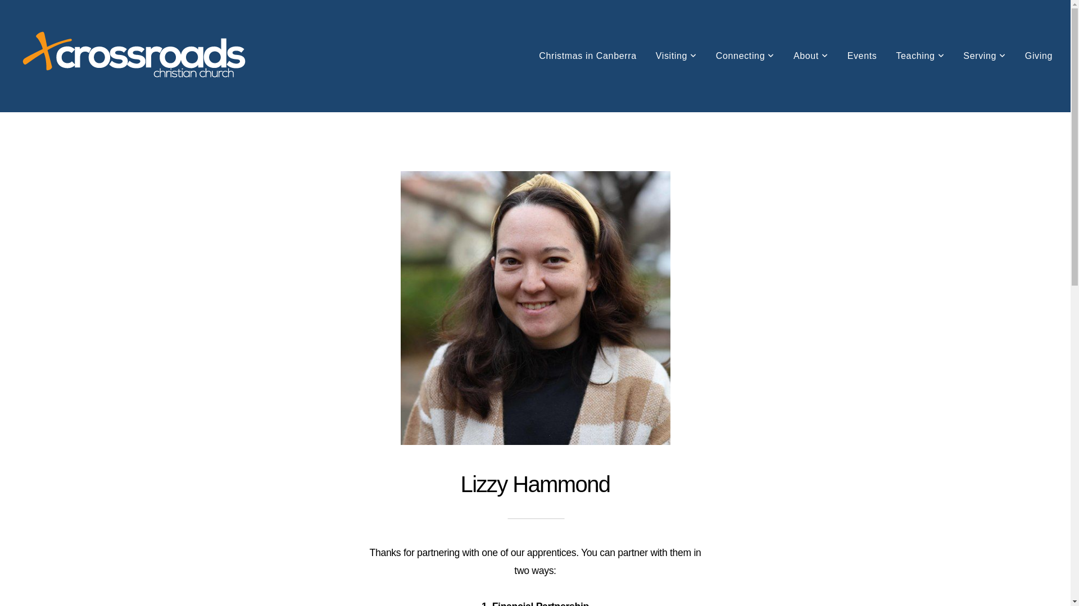 The width and height of the screenshot is (1079, 606). Describe the element at coordinates (1038, 56) in the screenshot. I see `'Giving'` at that location.